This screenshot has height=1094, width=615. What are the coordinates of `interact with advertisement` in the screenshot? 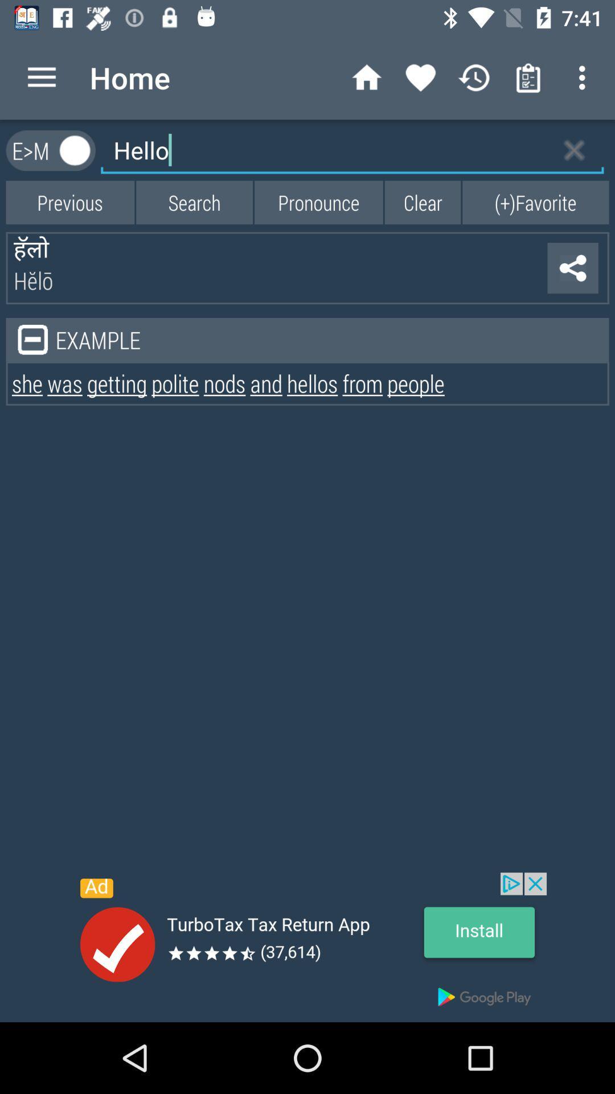 It's located at (307, 947).